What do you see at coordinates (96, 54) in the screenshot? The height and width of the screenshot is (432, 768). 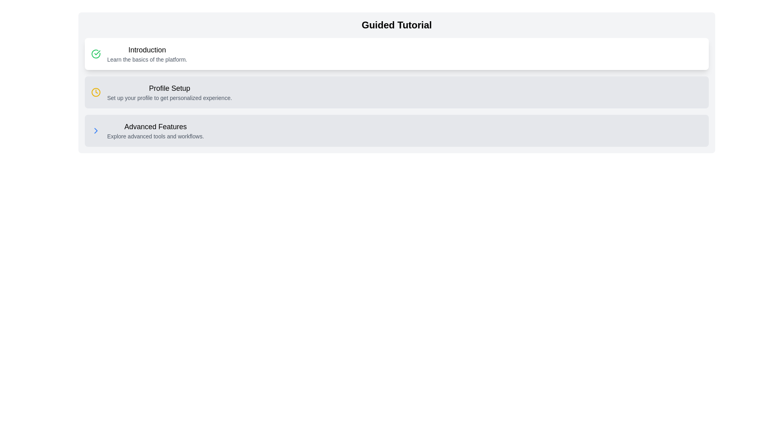 I see `the left-most icon in the Guided Tutorial UI that indicates successful completion of the 'Introduction' section` at bounding box center [96, 54].